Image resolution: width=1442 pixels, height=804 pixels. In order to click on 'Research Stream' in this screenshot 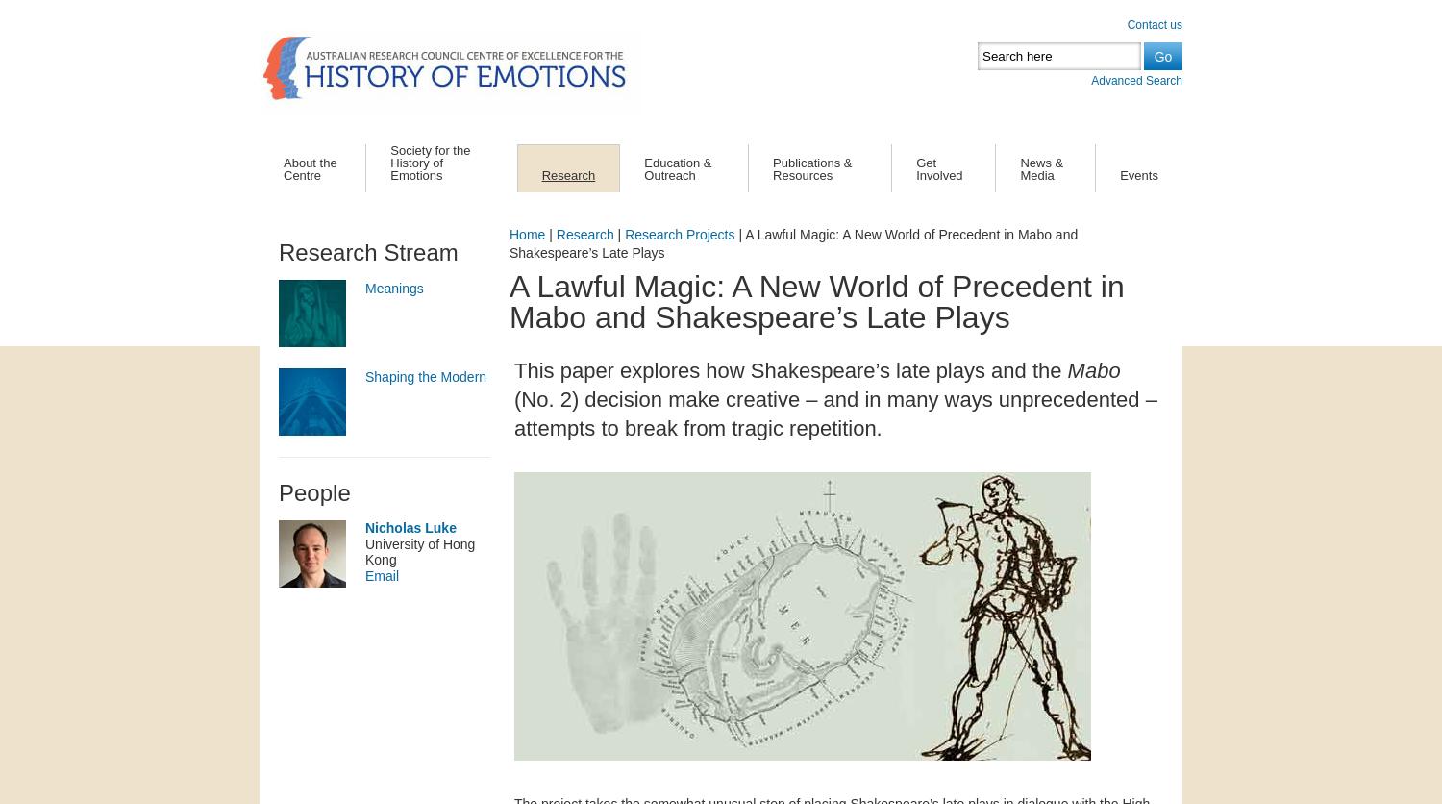, I will do `click(278, 251)`.